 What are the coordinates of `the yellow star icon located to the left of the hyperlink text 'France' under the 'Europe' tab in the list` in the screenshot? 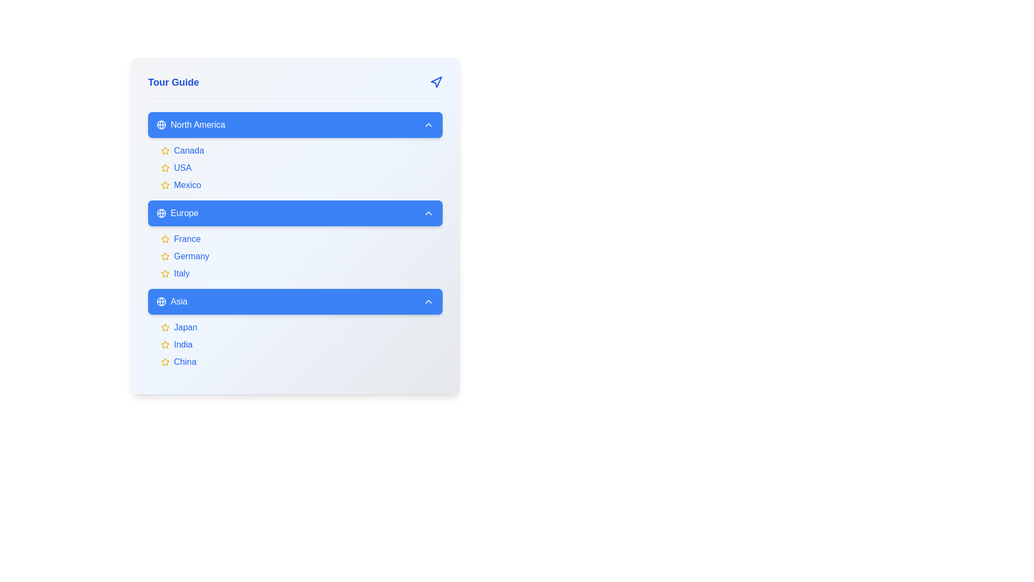 It's located at (302, 238).